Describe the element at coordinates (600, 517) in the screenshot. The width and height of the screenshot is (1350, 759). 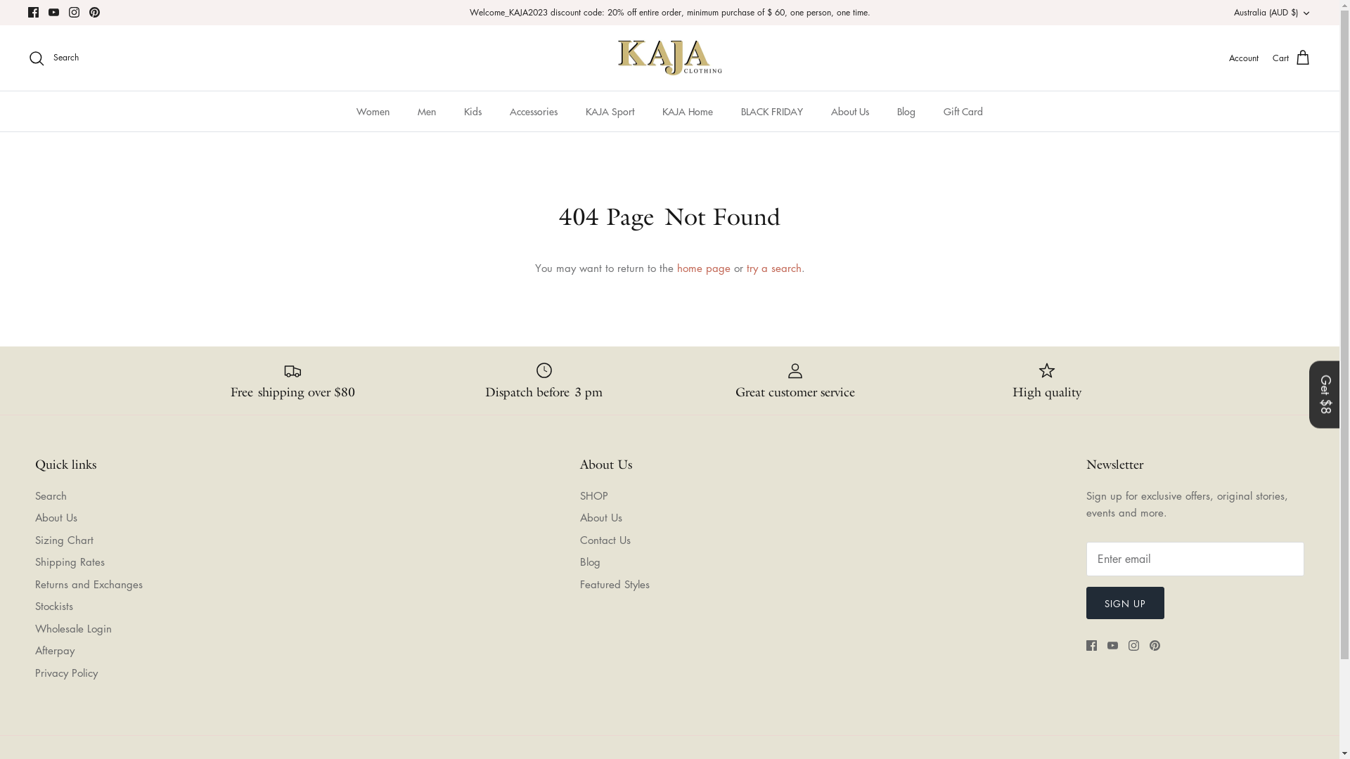
I see `'About Us'` at that location.